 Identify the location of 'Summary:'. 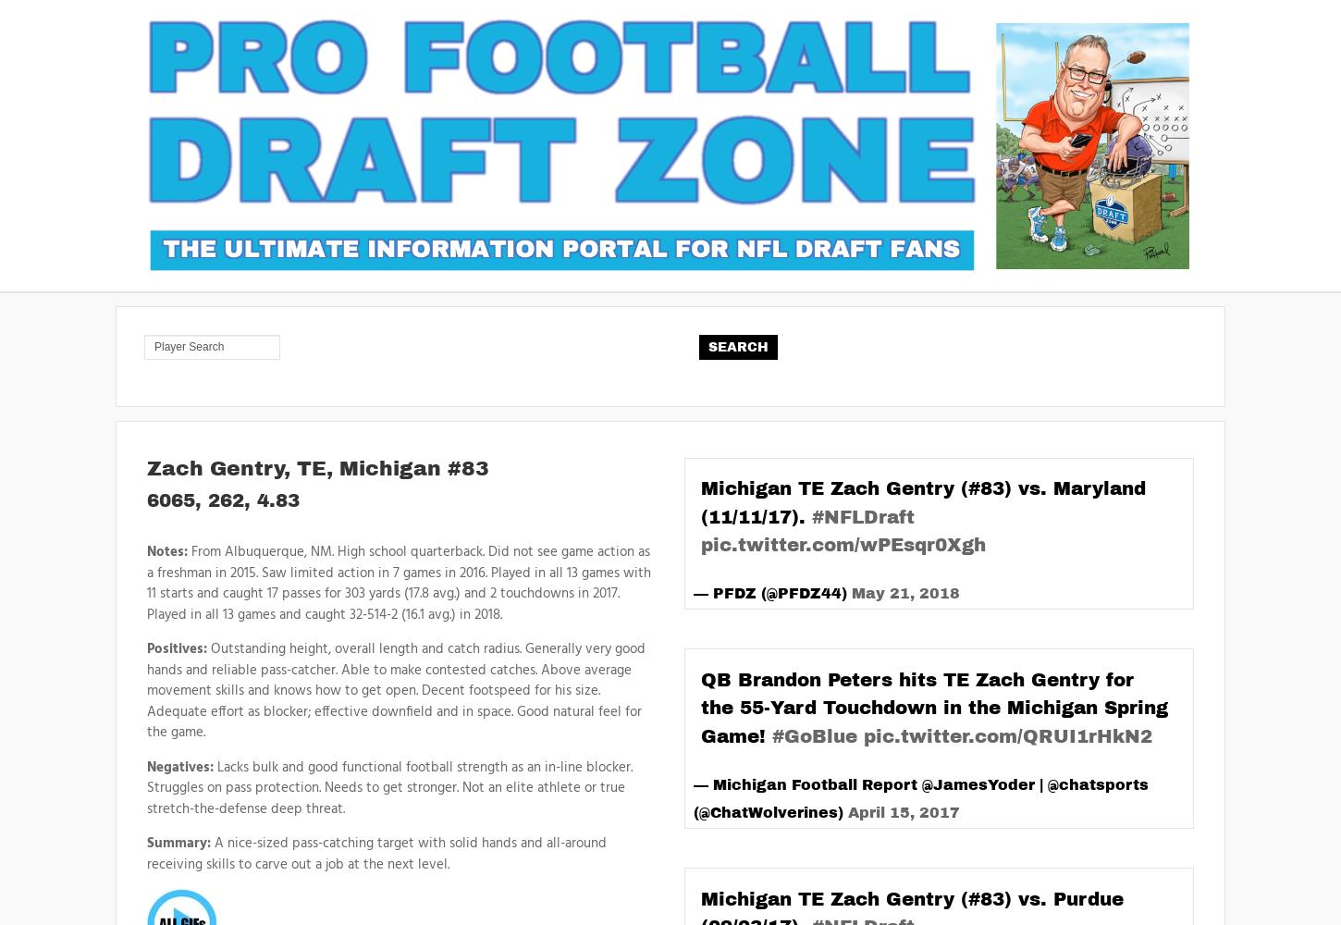
(178, 844).